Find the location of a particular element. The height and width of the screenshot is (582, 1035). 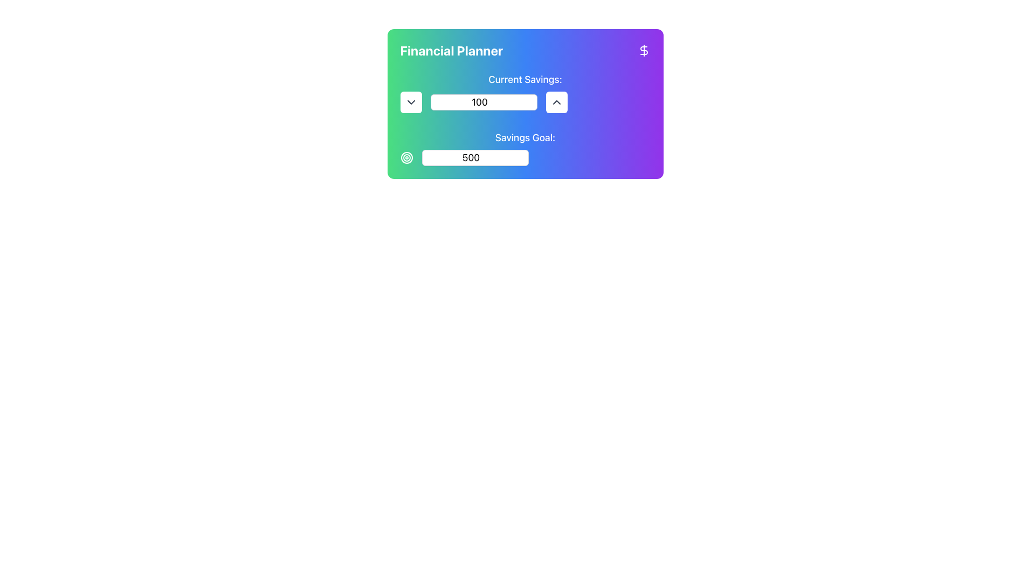

the decorative icon adjacent to the savings goal input field under the 'Savings Goal:' label in the 'Financial Planner' section is located at coordinates (525, 158).